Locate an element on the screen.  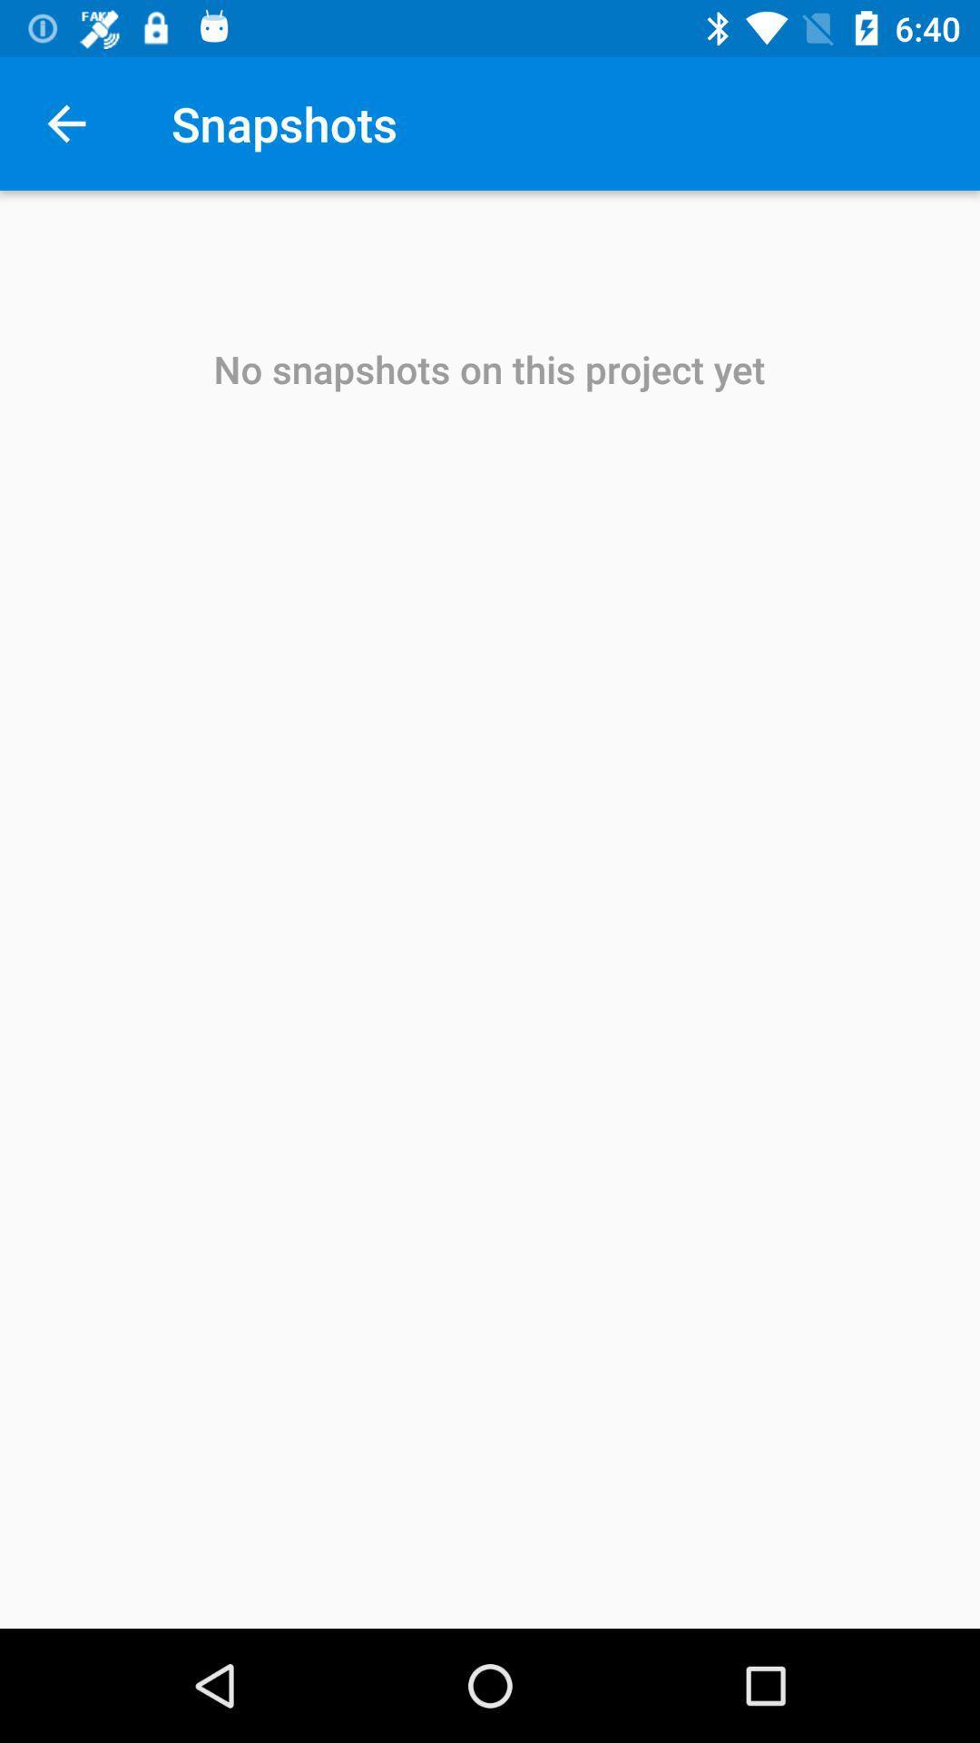
icon next to snapshots item is located at coordinates (65, 123).